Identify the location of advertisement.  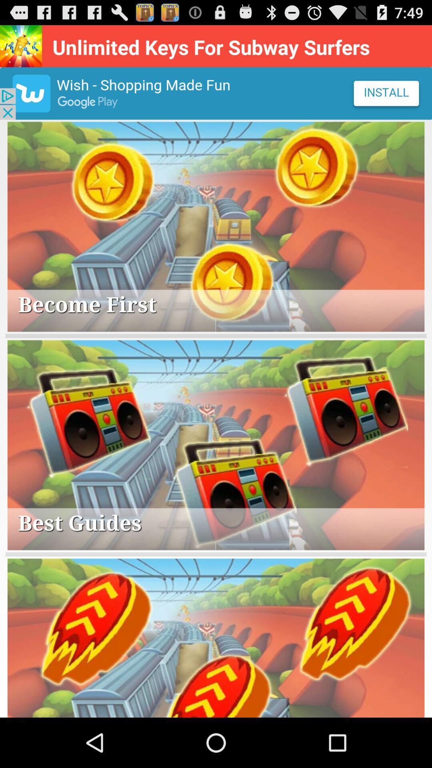
(216, 93).